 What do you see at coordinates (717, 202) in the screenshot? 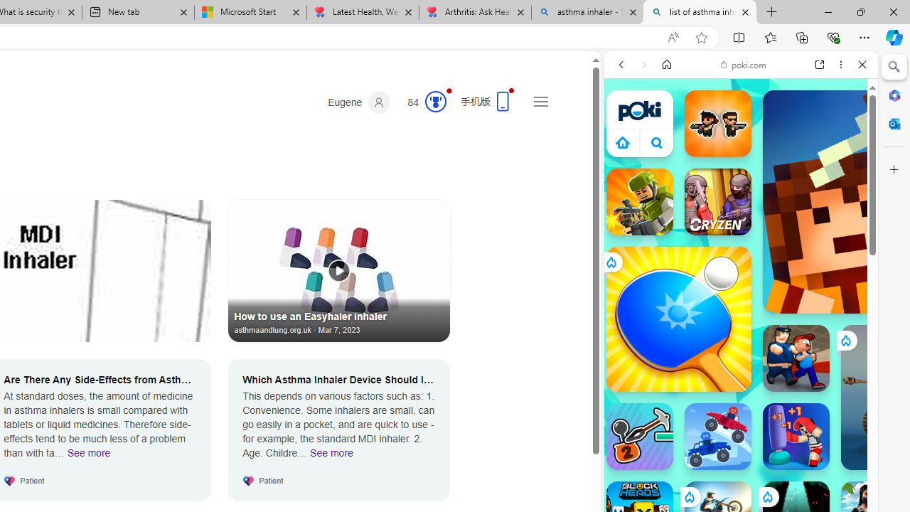
I see `'Cryzen.io'` at bounding box center [717, 202].